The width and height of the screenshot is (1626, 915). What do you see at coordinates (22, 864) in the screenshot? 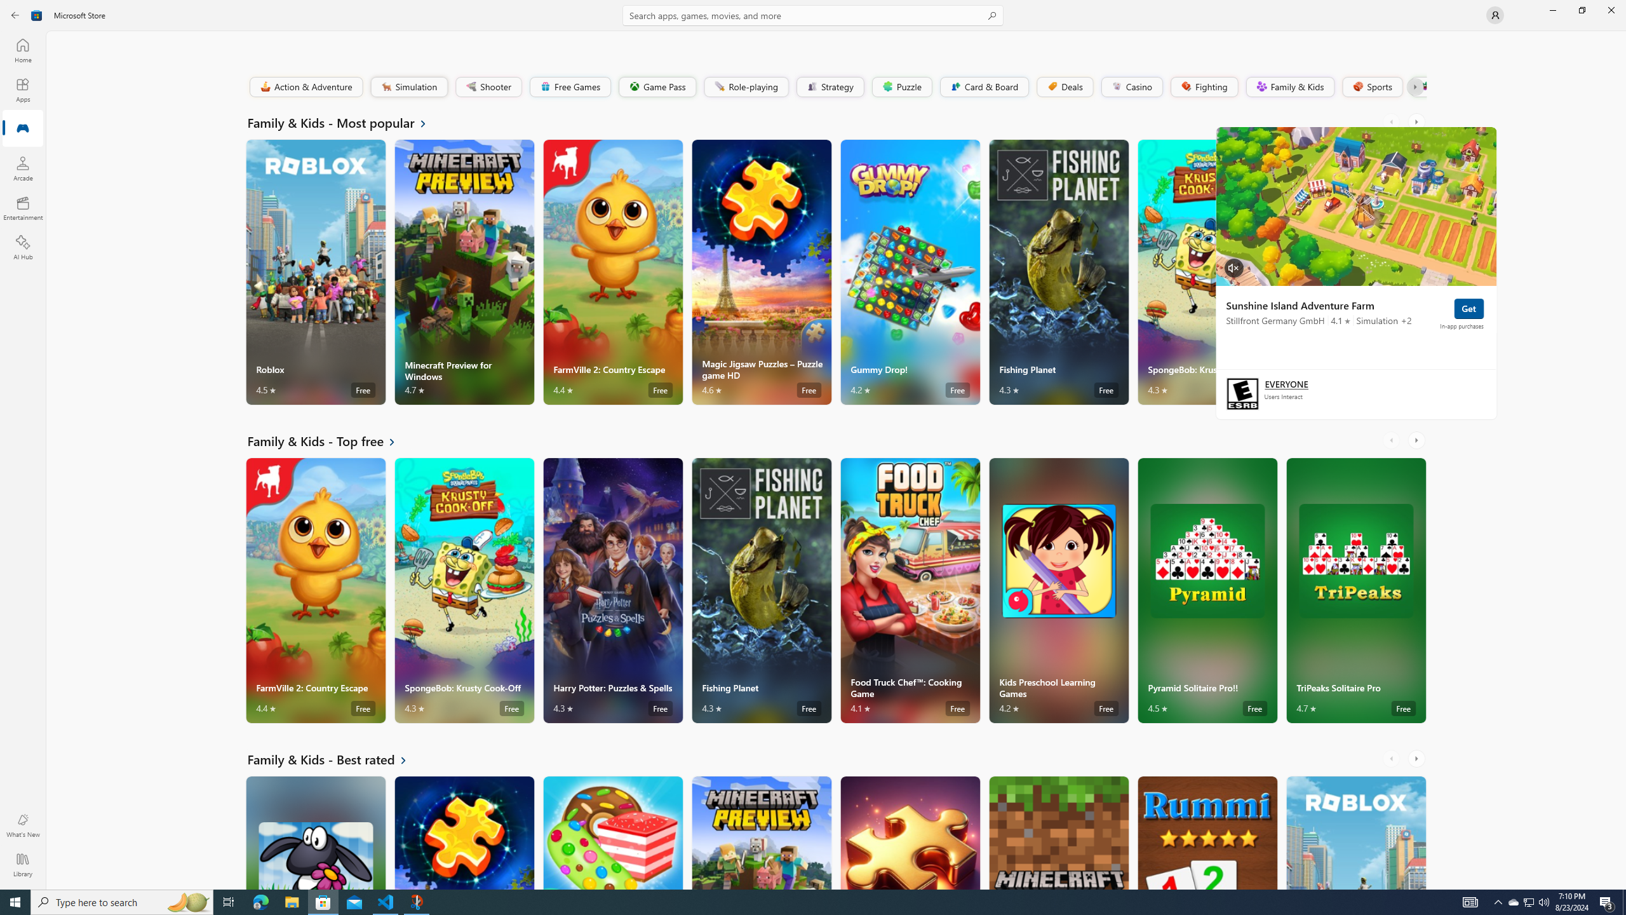
I see `'Library'` at bounding box center [22, 864].